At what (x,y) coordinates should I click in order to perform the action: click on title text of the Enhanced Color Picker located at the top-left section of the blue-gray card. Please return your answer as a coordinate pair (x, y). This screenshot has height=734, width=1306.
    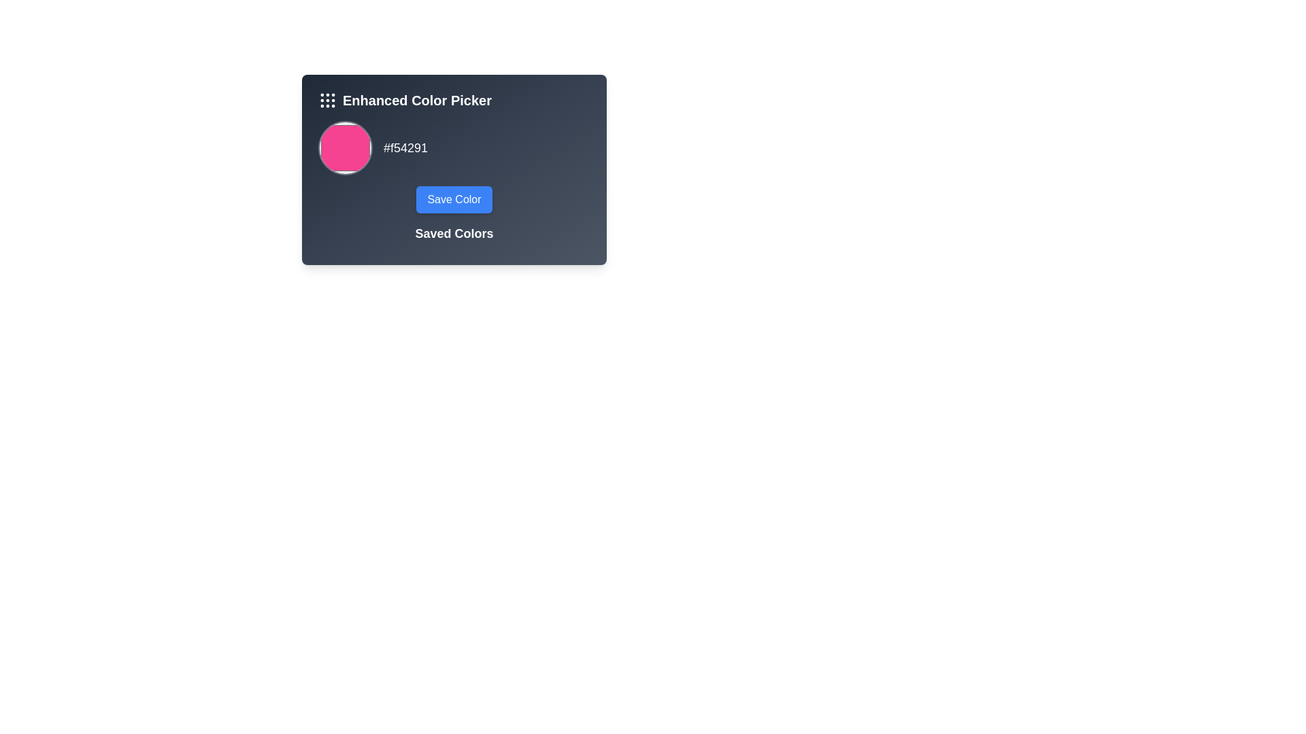
    Looking at the image, I should click on (454, 99).